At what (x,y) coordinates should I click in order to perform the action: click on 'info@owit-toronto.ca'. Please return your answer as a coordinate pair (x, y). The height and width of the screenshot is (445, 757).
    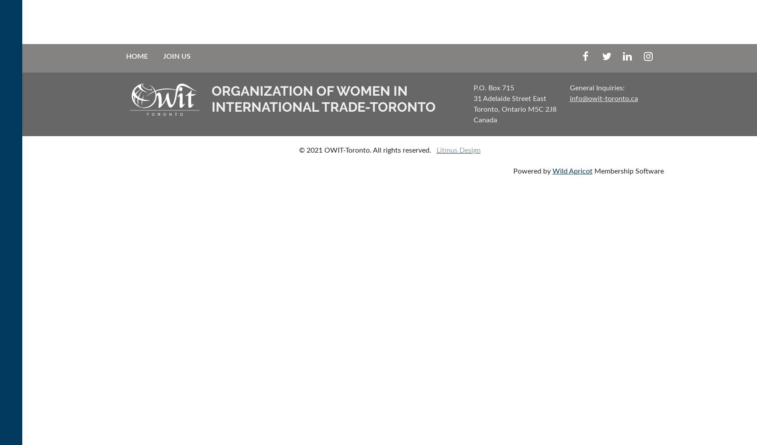
    Looking at the image, I should click on (603, 98).